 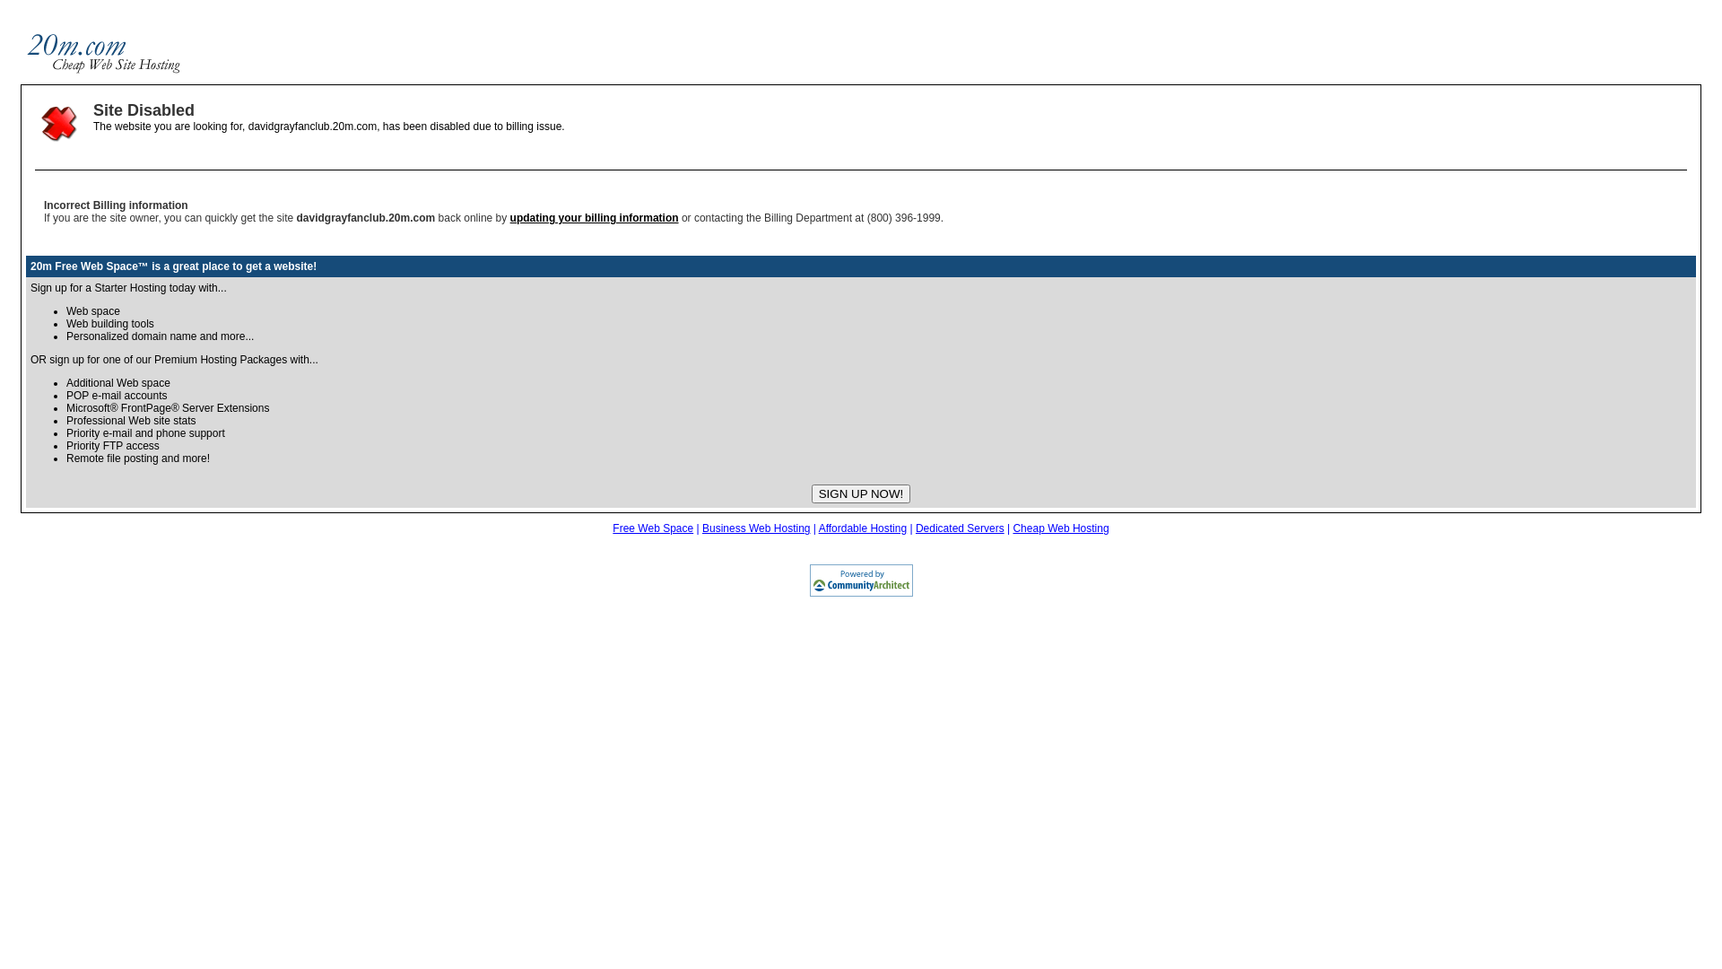 I want to click on 'Affordable Hosting', so click(x=817, y=528).